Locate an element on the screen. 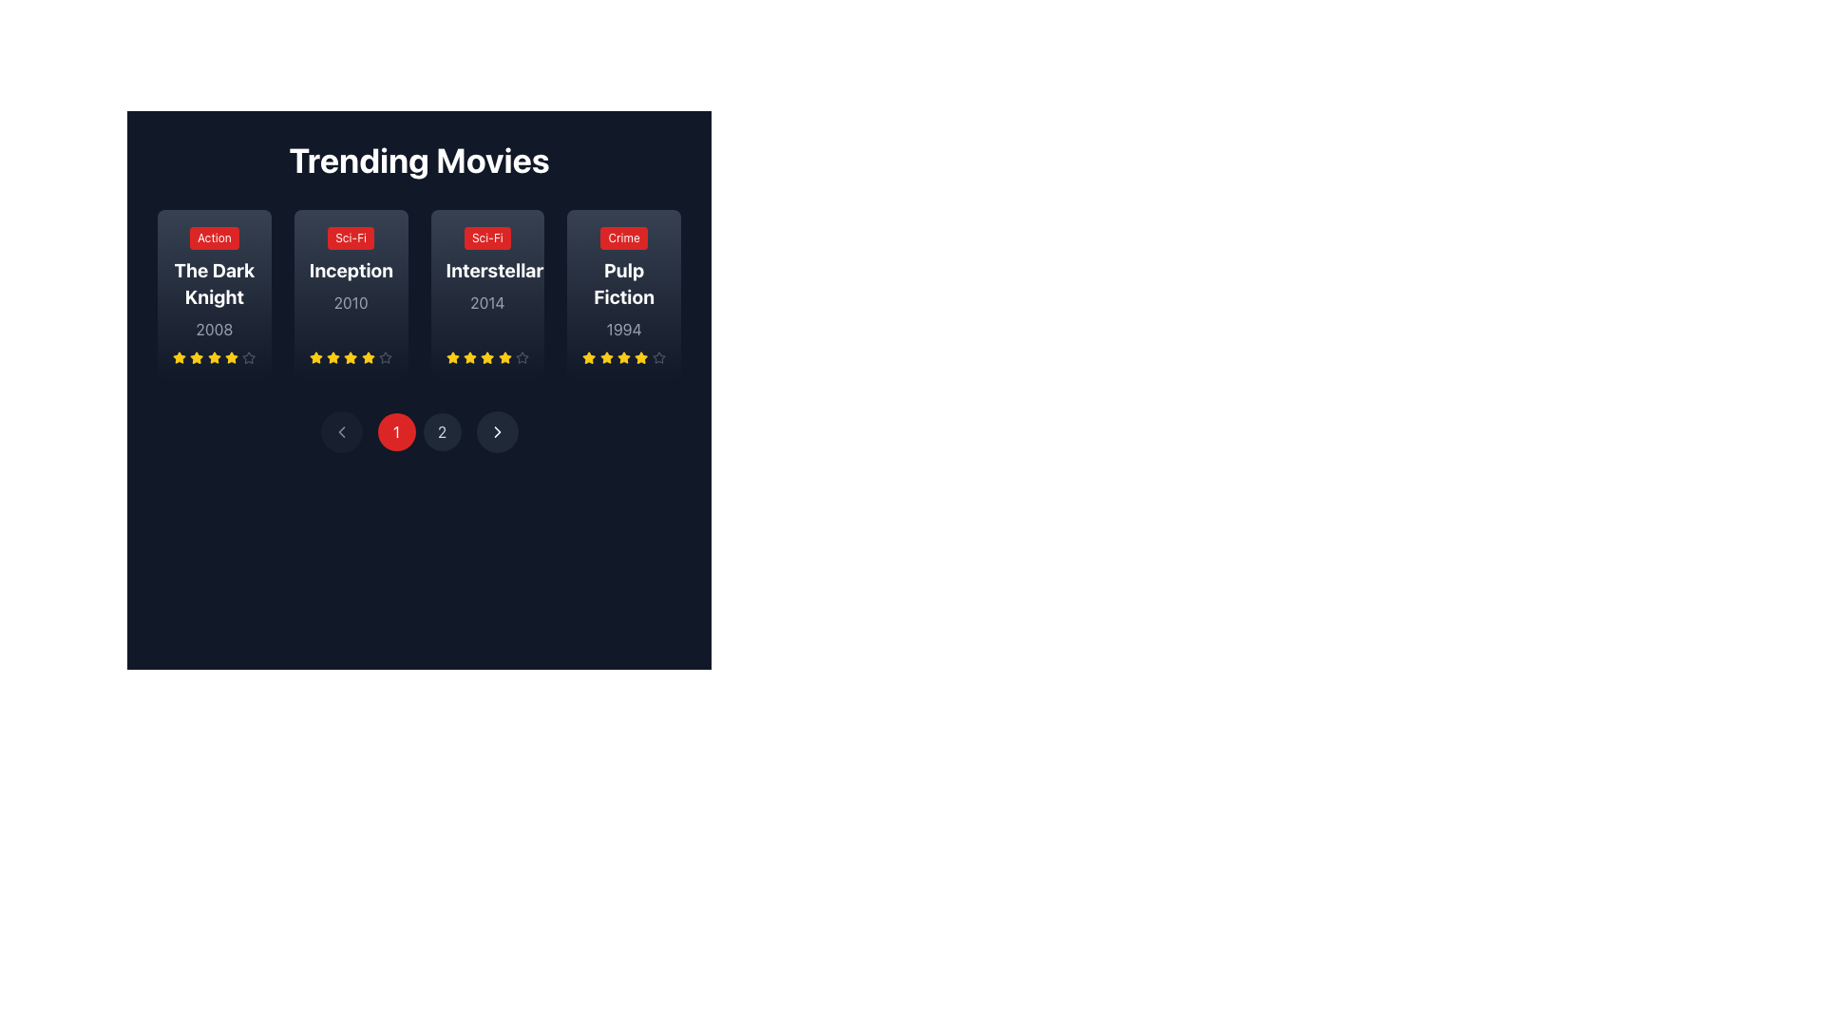 Image resolution: width=1824 pixels, height=1026 pixels. the circular button with a dark gray background and white text displaying the number '2' is located at coordinates (441, 431).